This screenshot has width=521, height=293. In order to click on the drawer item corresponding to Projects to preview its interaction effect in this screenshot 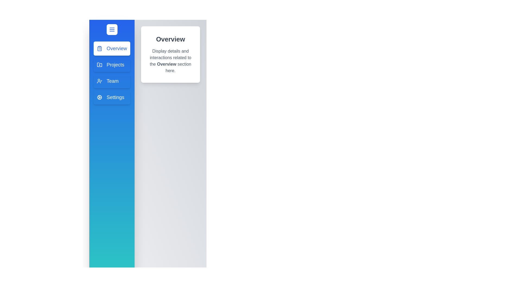, I will do `click(112, 65)`.